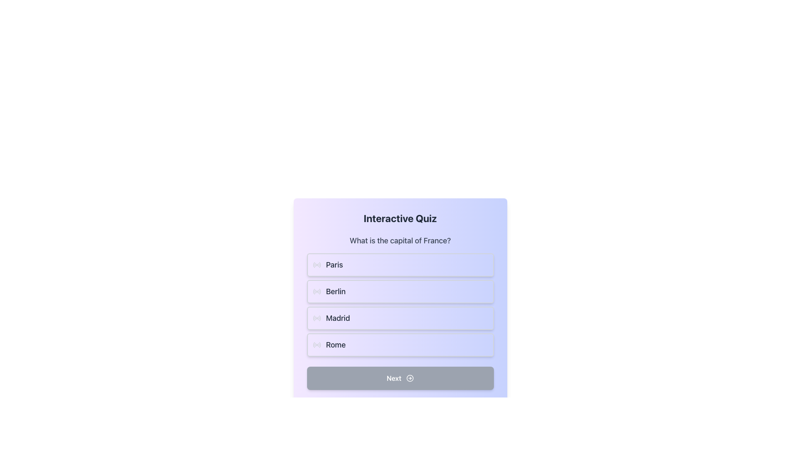 Image resolution: width=801 pixels, height=450 pixels. I want to click on the text label displaying 'Madrid', which is the third option in a vertical list of quiz answers below the question 'What is the capital of France?', so click(338, 318).